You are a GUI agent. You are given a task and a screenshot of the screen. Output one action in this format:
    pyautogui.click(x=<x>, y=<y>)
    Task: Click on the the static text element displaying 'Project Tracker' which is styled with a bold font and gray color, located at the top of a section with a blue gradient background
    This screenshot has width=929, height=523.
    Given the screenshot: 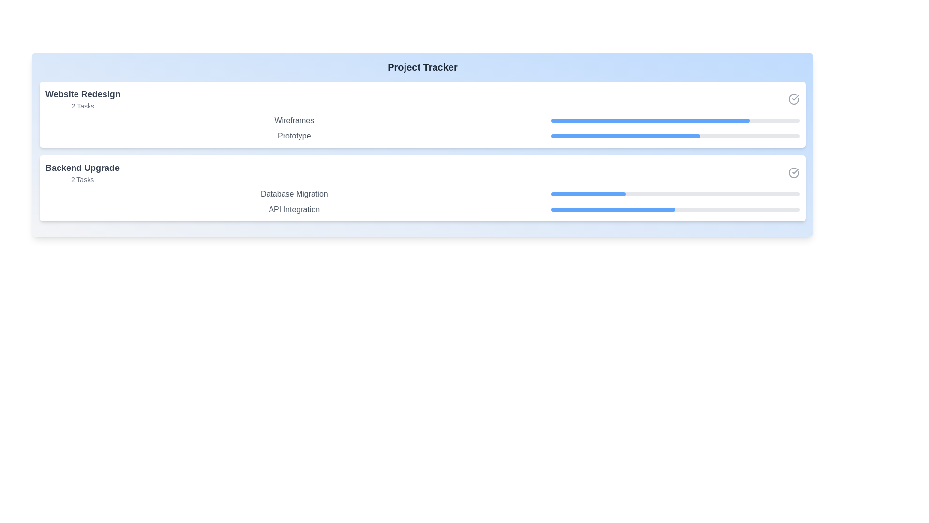 What is the action you would take?
    pyautogui.click(x=422, y=66)
    